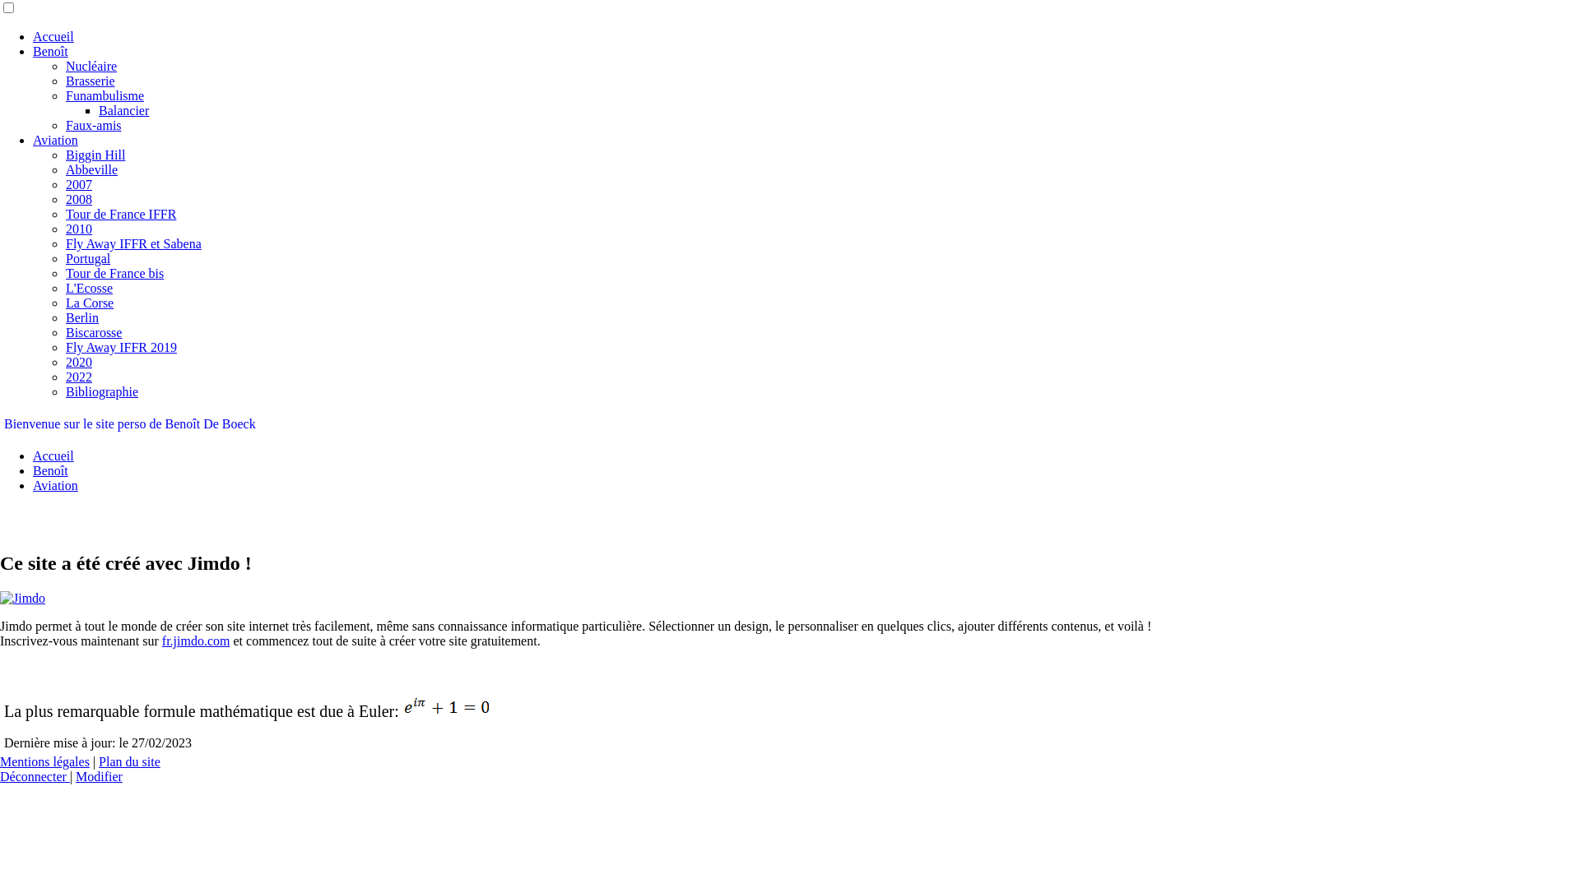 The height and width of the screenshot is (888, 1580). What do you see at coordinates (55, 139) in the screenshot?
I see `'Aviation'` at bounding box center [55, 139].